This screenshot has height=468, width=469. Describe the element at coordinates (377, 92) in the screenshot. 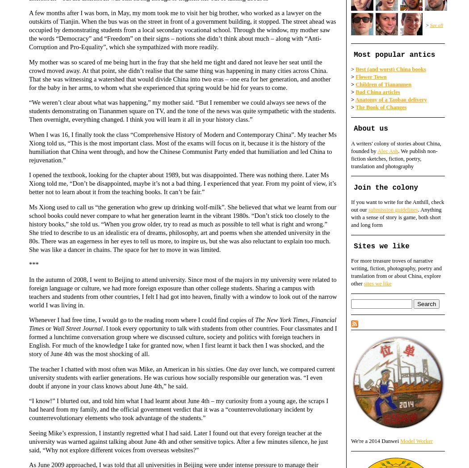

I see `'Bad China articles'` at that location.